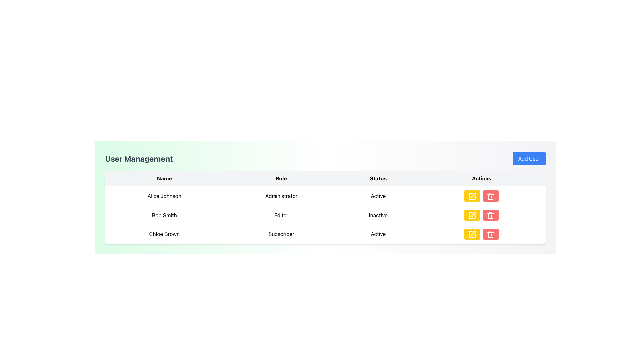 This screenshot has width=635, height=357. Describe the element at coordinates (472, 215) in the screenshot. I see `the edit button located in the 'Actions' column of the table, specifically the second button in the row for 'Bob Smith'` at that location.